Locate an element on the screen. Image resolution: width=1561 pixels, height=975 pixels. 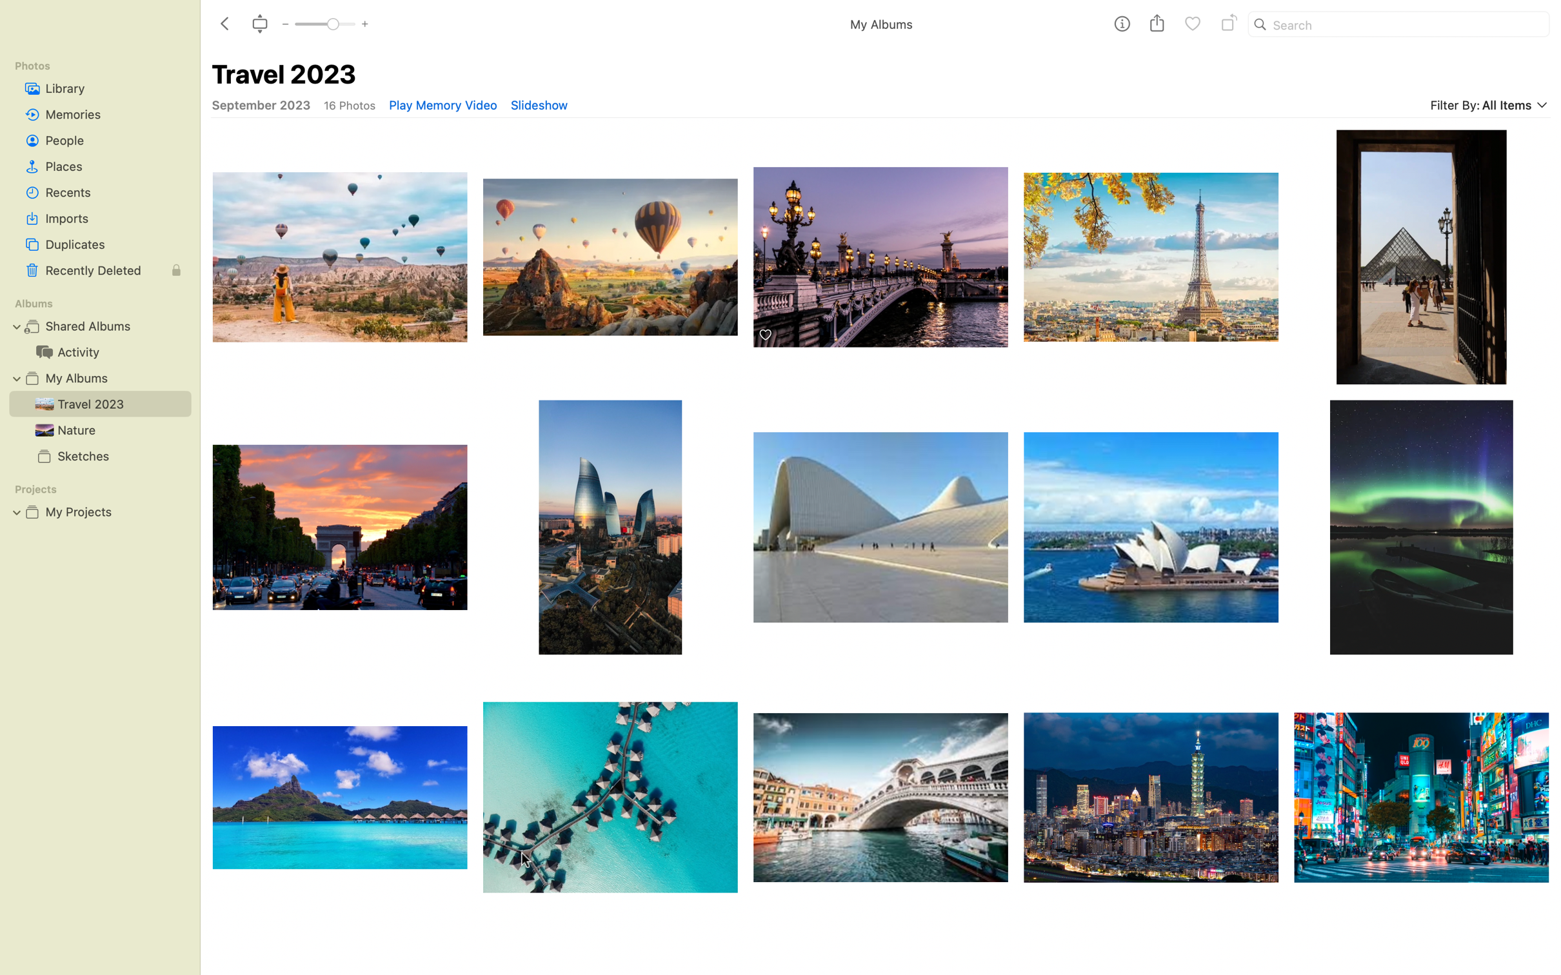
Pick the snapshot of Lotus Temple located in Sydney is located at coordinates (1151, 526).